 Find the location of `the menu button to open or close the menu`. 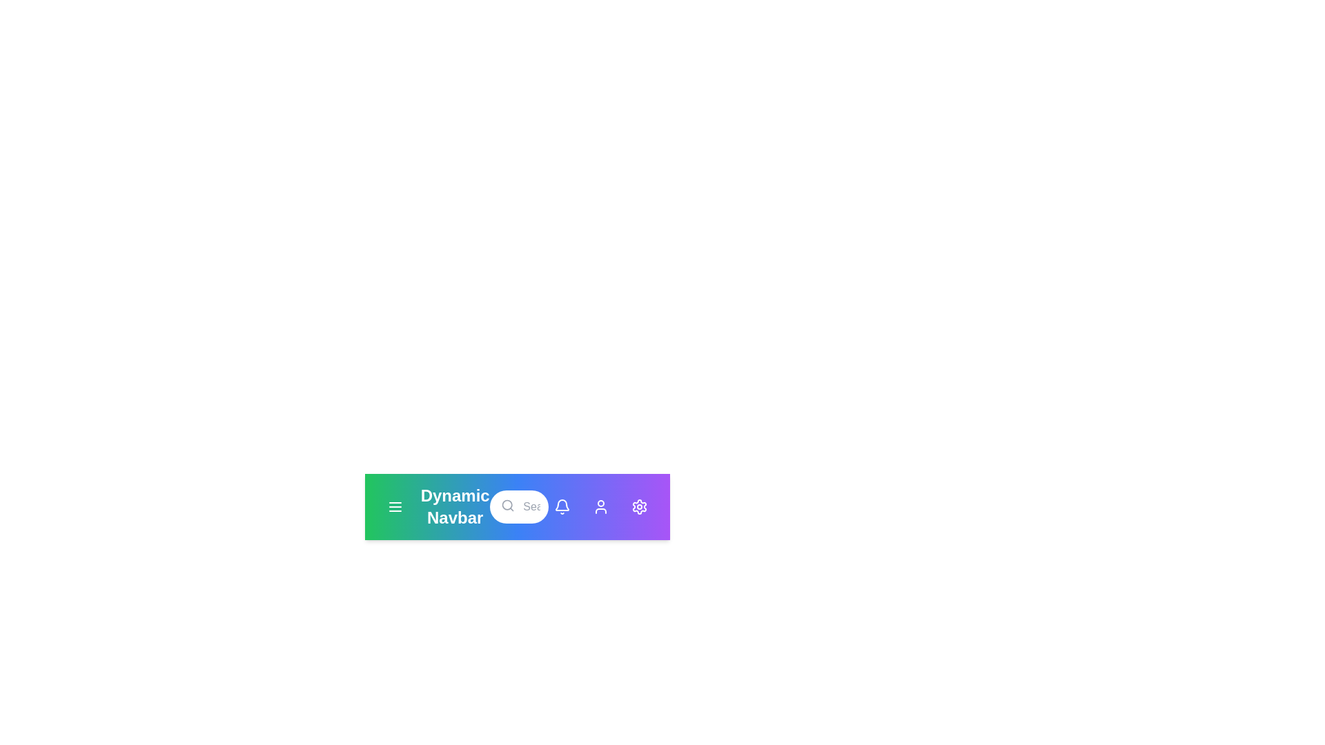

the menu button to open or close the menu is located at coordinates (394, 507).